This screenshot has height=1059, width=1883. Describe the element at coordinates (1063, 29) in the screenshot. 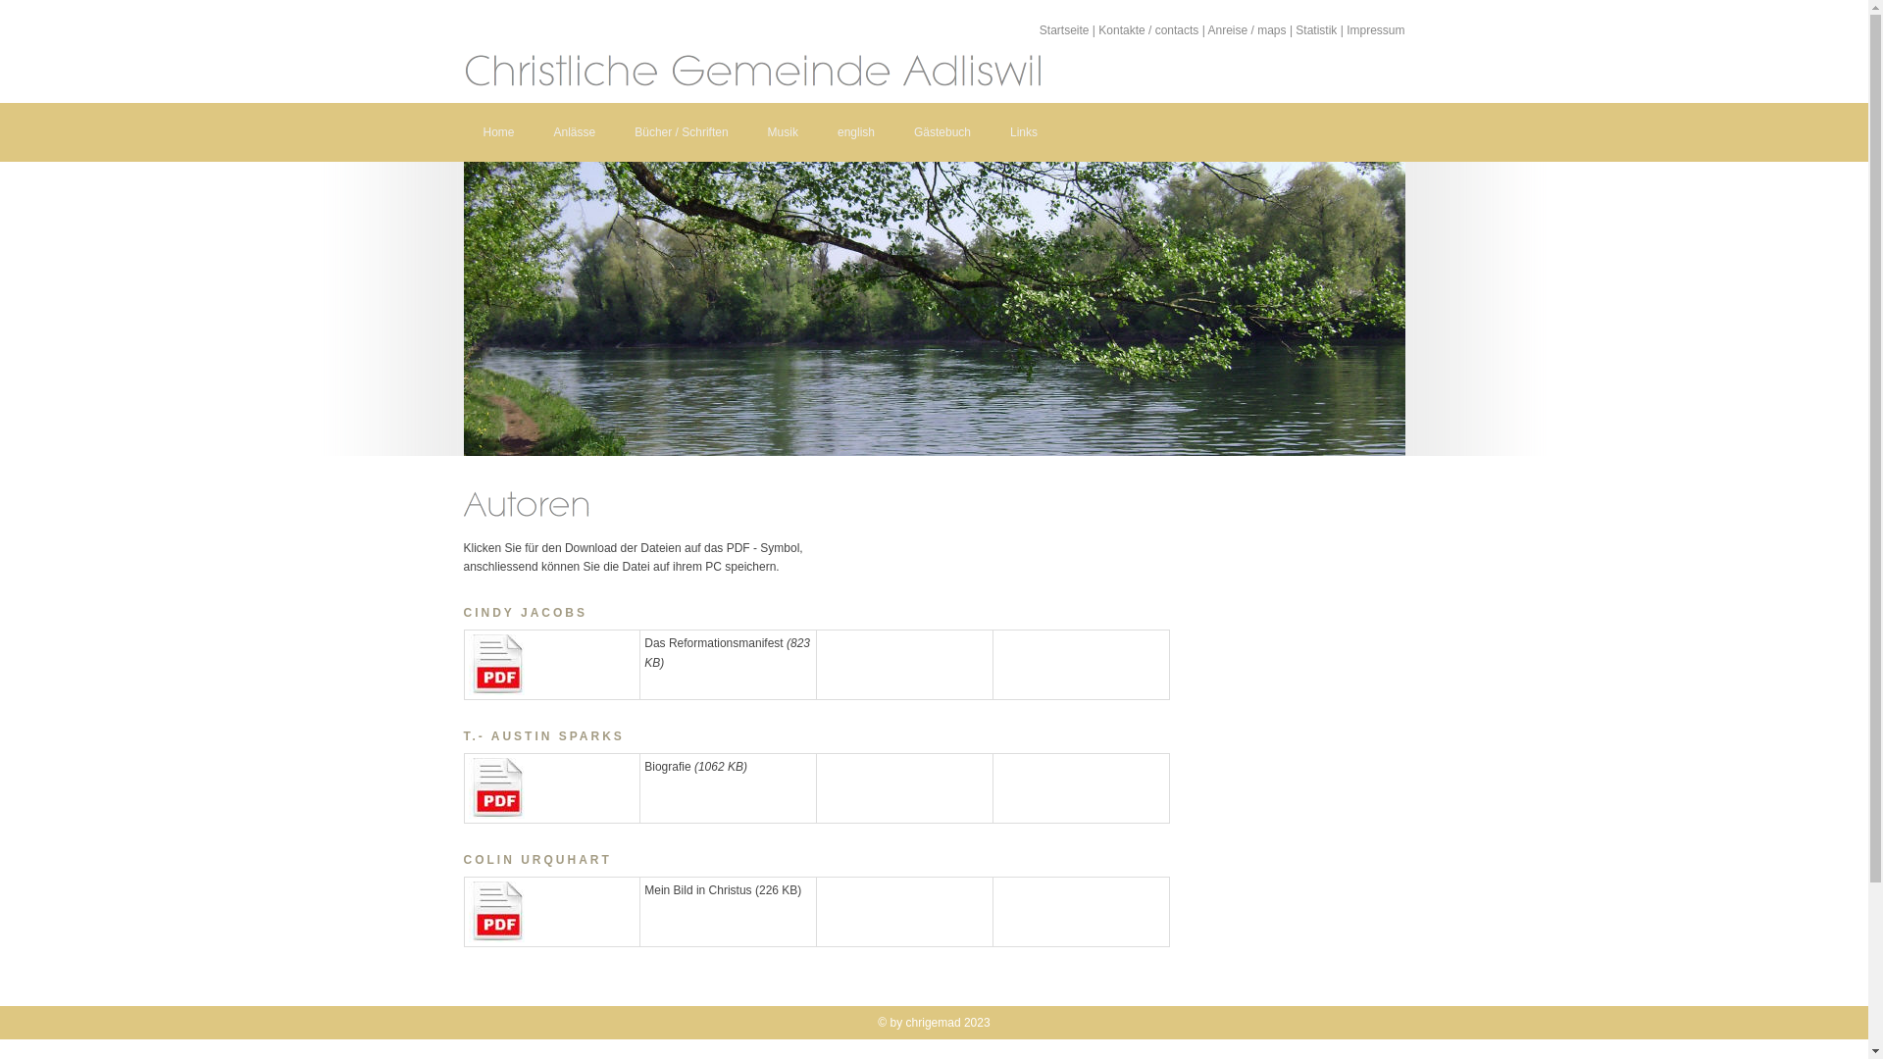

I see `'Startseite'` at that location.